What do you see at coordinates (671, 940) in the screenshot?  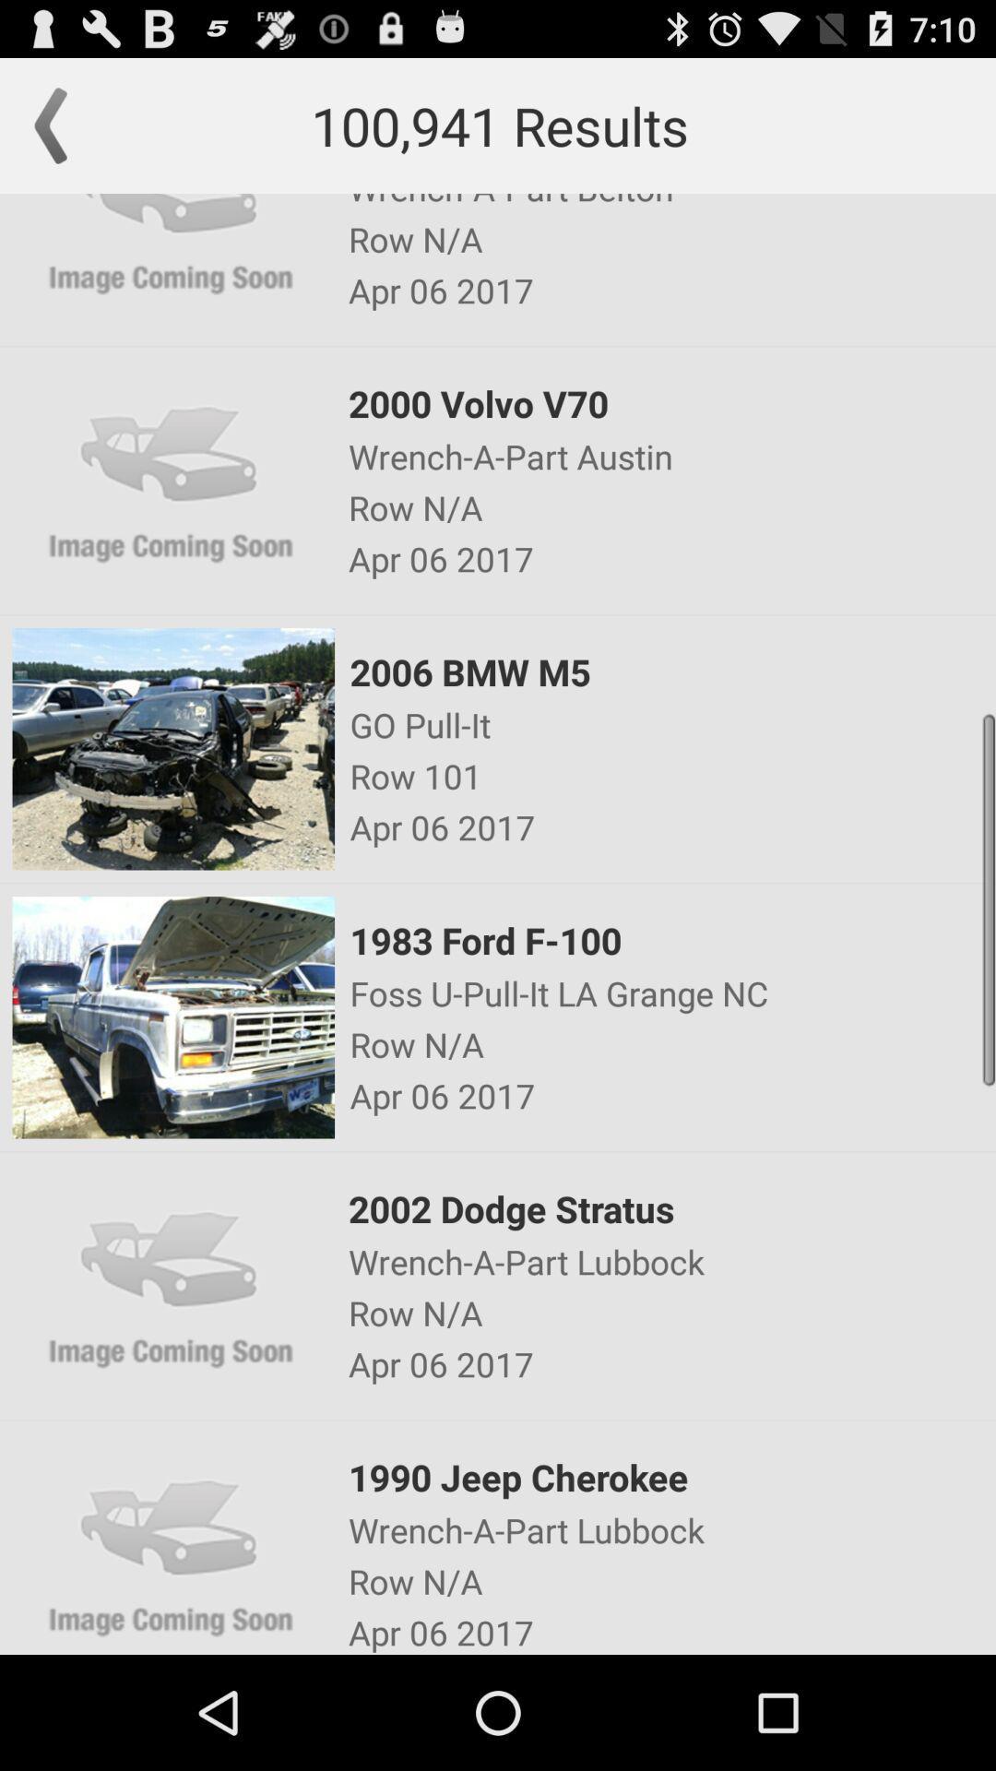 I see `item above foss u pull app` at bounding box center [671, 940].